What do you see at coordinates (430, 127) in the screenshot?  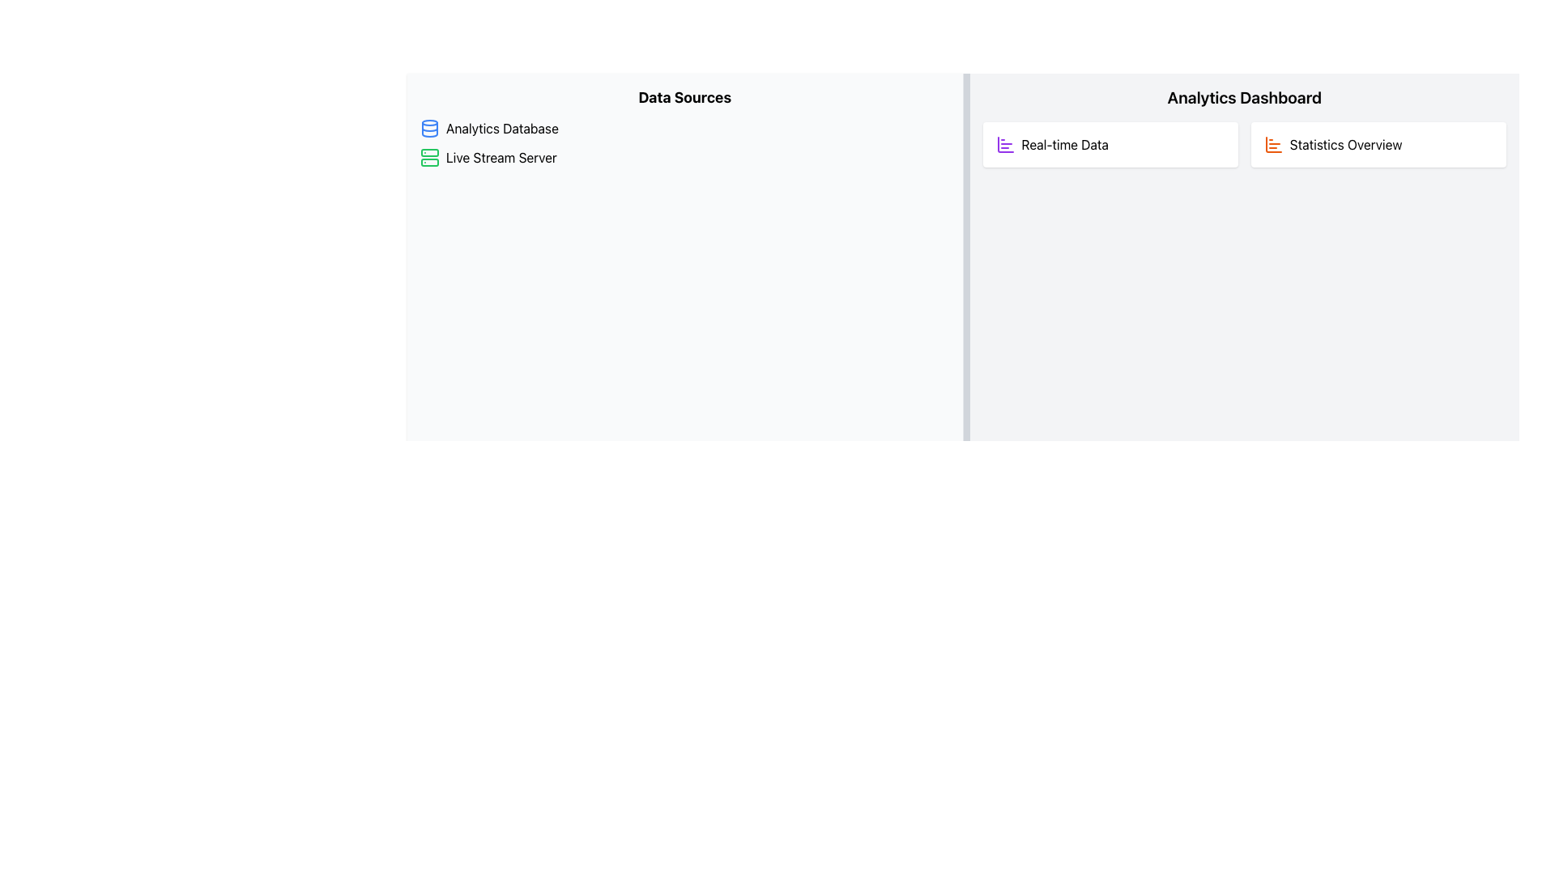 I see `the analytics database icon located at the top left corner of the 'Analytics Database' entry in the 'Data Sources' section` at bounding box center [430, 127].